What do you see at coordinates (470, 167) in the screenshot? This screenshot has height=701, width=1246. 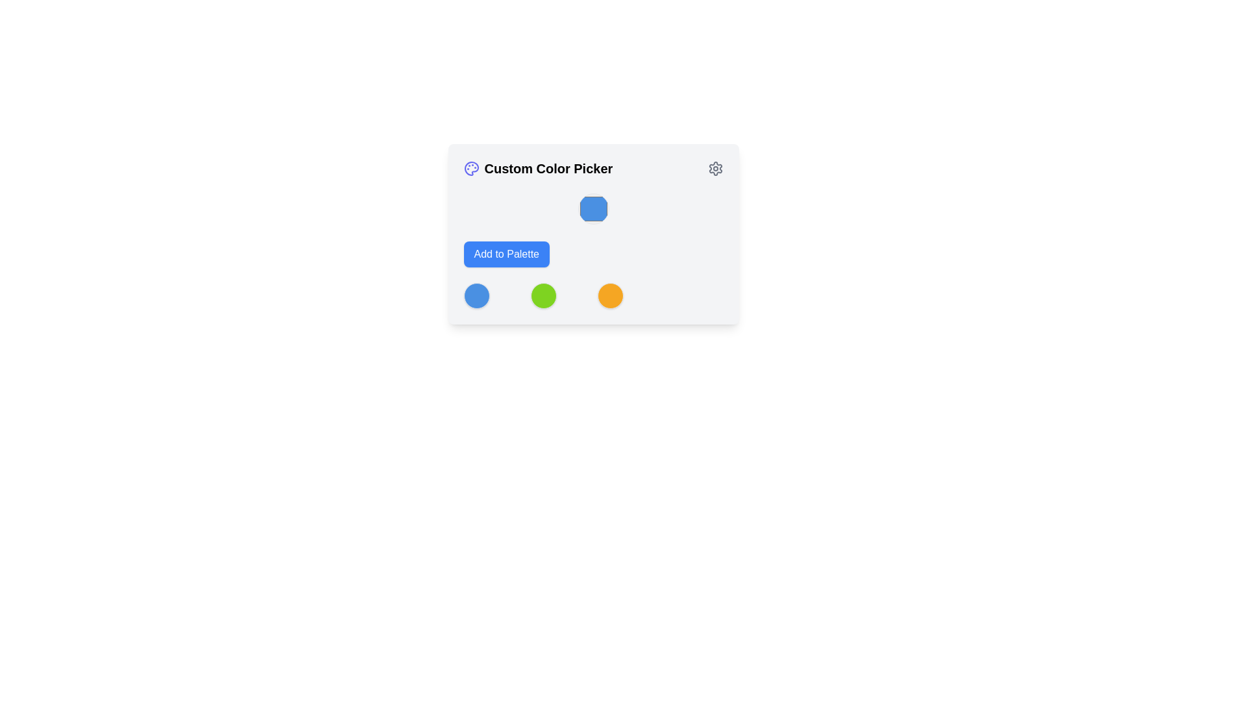 I see `the central circular shape within the palette icon located at the top left corner of the 'Custom Color Picker' widget` at bounding box center [470, 167].